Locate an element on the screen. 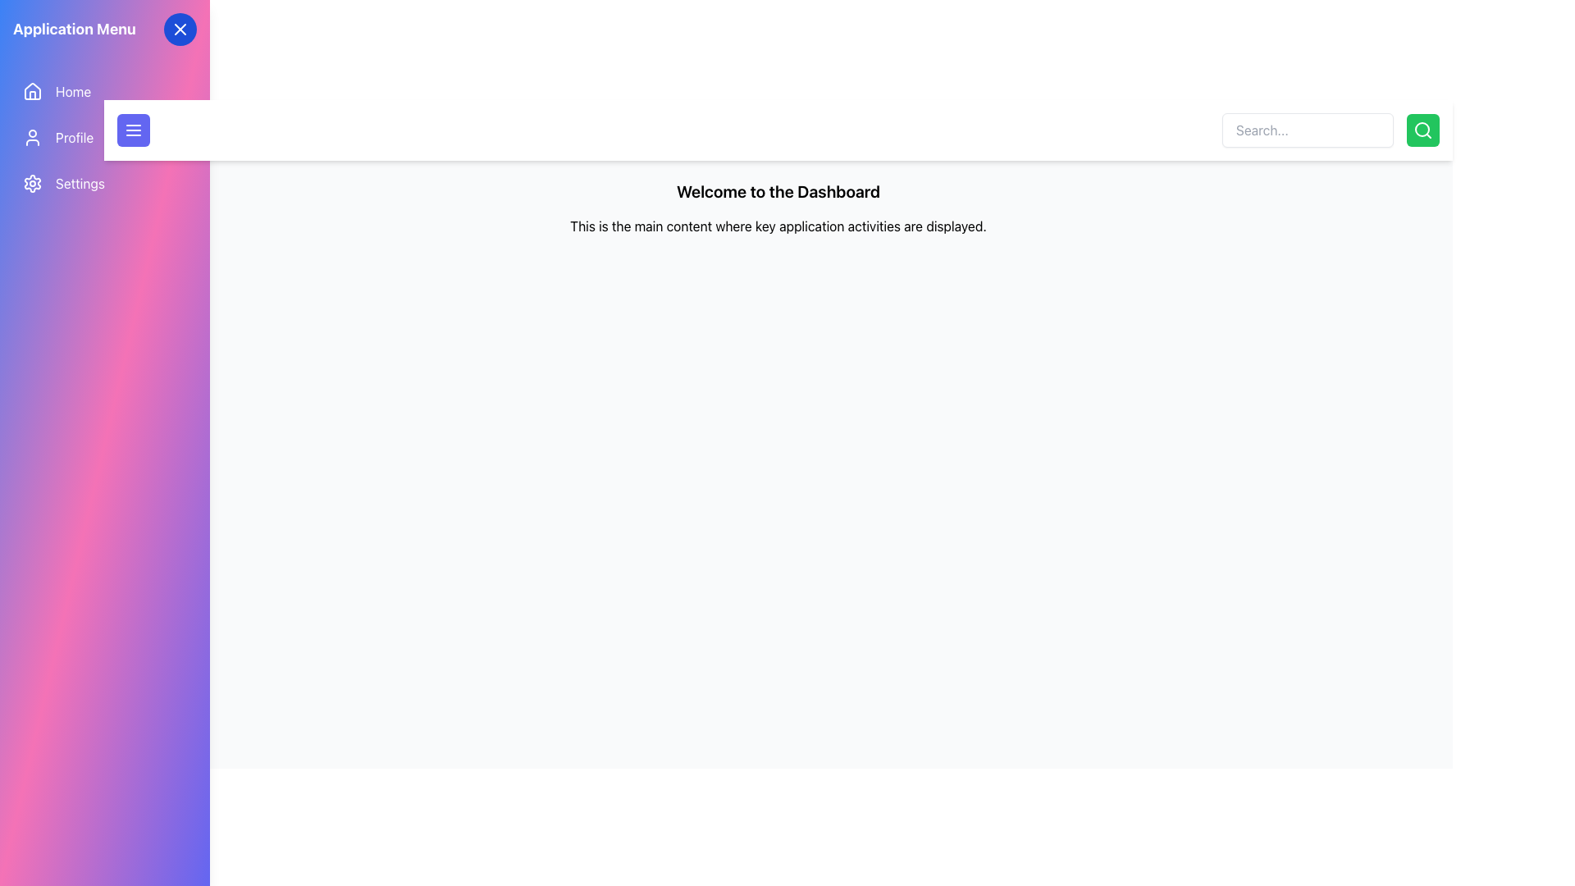 The width and height of the screenshot is (1575, 886). the second interactive item in the vertical navigation menu is located at coordinates (104, 137).